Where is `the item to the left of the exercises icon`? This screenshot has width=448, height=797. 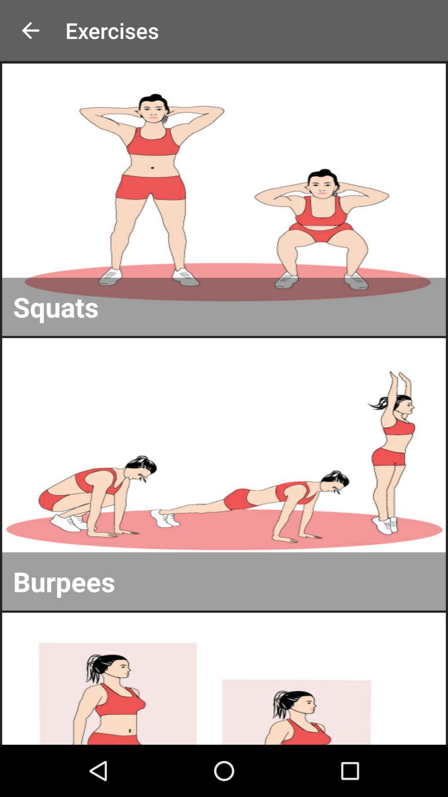
the item to the left of the exercises icon is located at coordinates (30, 30).